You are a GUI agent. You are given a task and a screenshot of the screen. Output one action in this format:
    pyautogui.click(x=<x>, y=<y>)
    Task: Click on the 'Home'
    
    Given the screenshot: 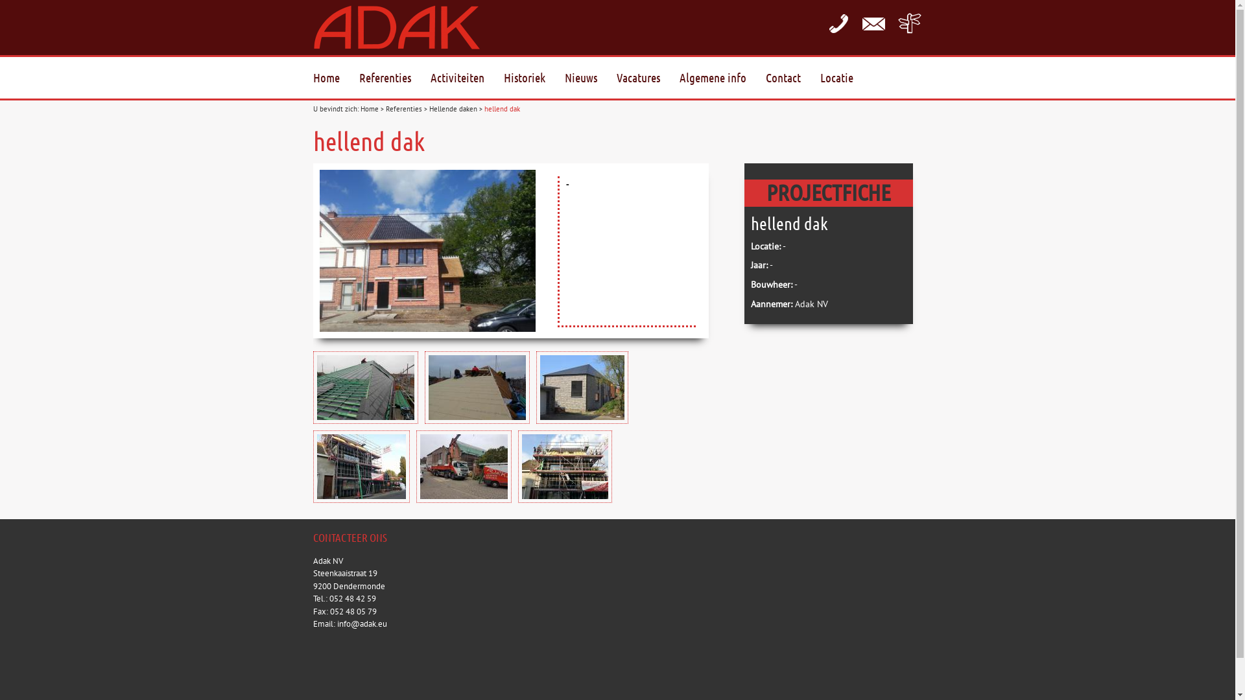 What is the action you would take?
    pyautogui.click(x=369, y=108)
    